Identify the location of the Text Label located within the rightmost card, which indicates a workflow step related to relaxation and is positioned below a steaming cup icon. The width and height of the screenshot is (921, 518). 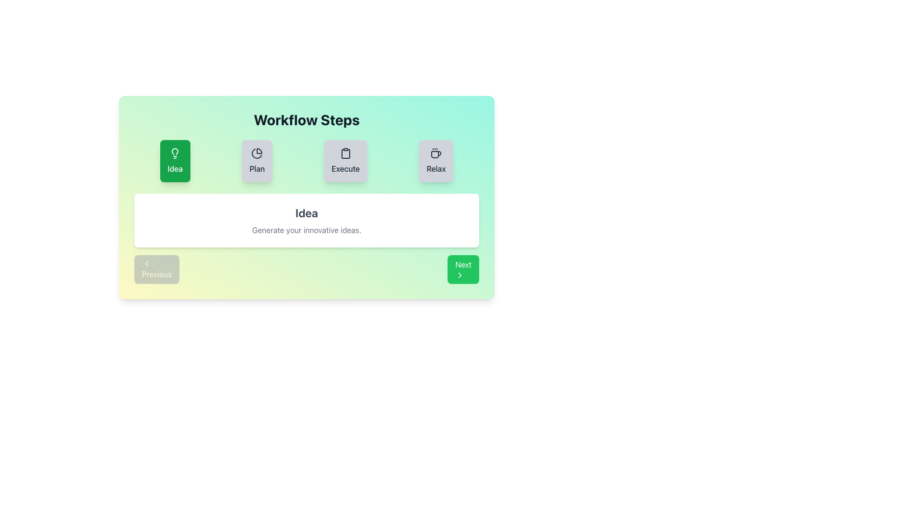
(436, 168).